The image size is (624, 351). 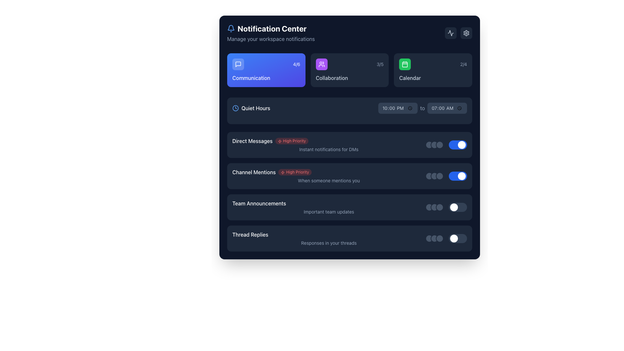 I want to click on the toggle switch for 'Direct Messages', so click(x=458, y=145).